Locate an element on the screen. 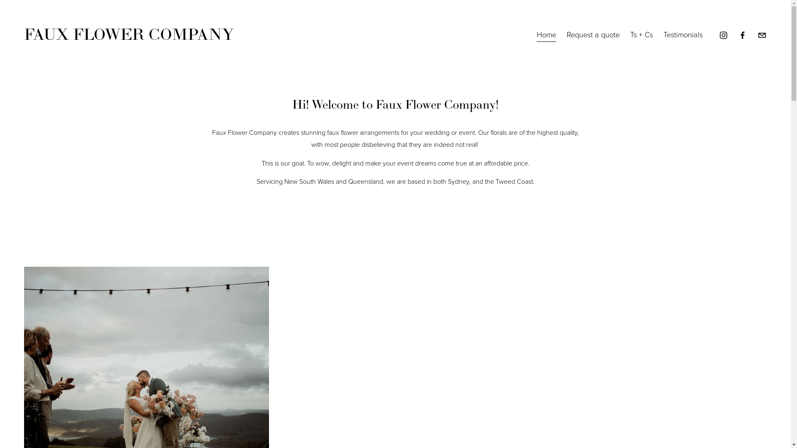 The image size is (797, 448). 'FAUX FLOWER COMPANY' is located at coordinates (128, 34).